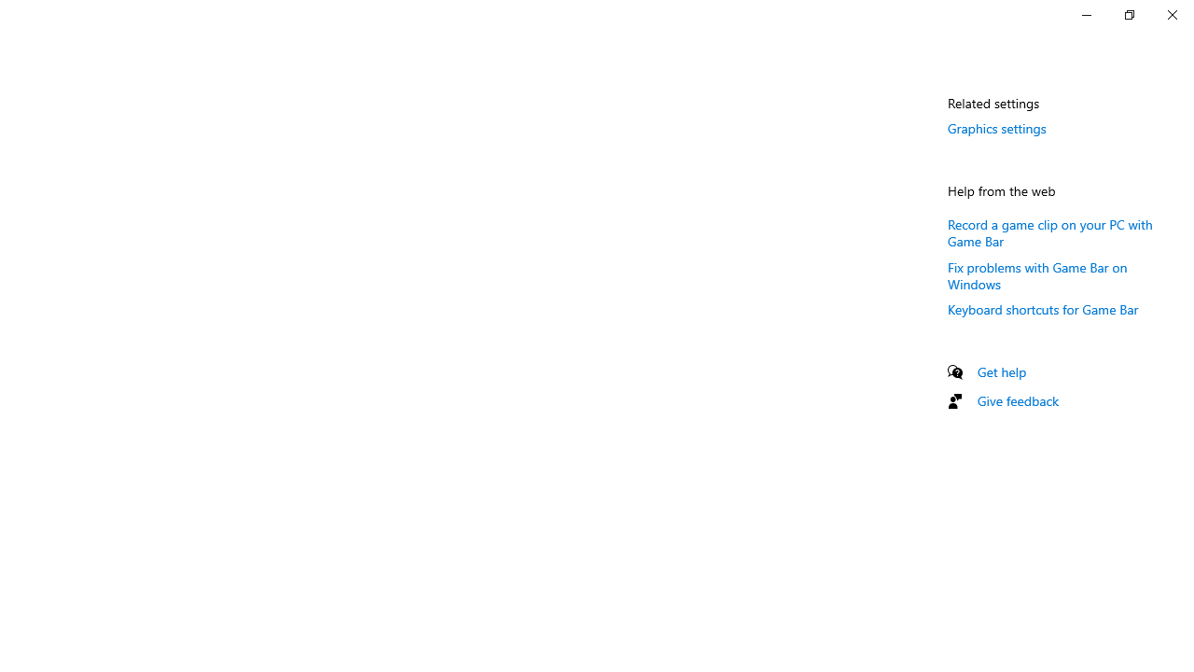 The width and height of the screenshot is (1194, 672). What do you see at coordinates (996, 127) in the screenshot?
I see `'Graphics settings'` at bounding box center [996, 127].